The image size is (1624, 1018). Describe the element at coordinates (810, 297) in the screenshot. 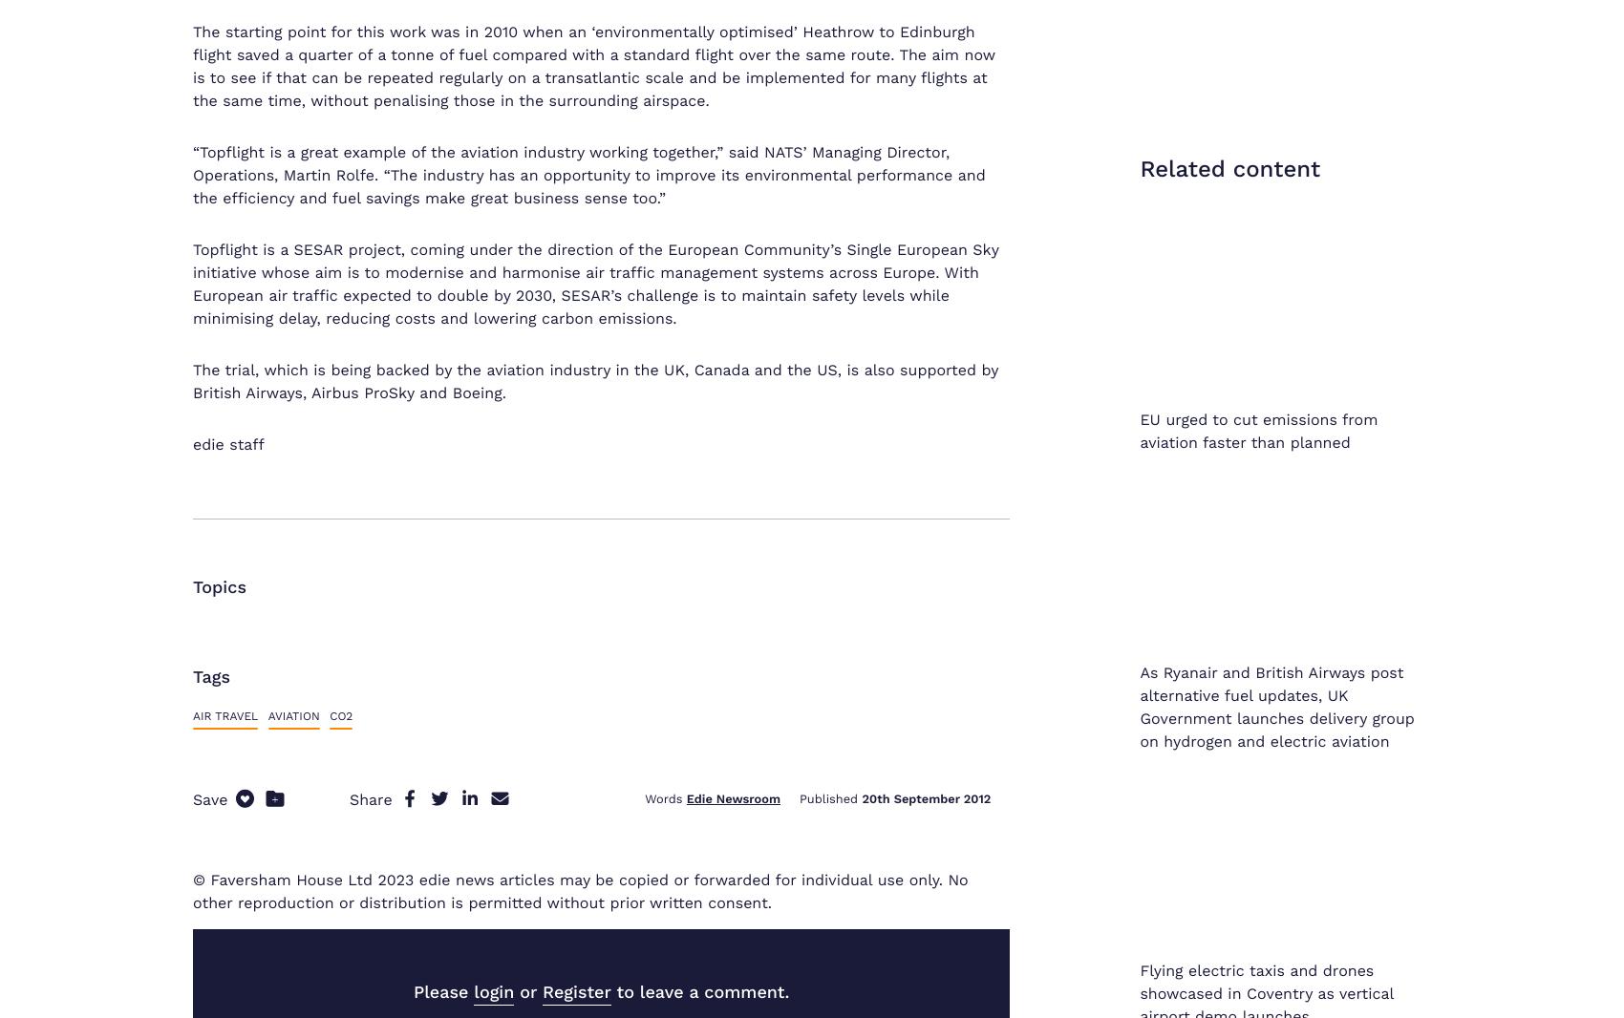

I see `'empowering sustainable business'` at that location.